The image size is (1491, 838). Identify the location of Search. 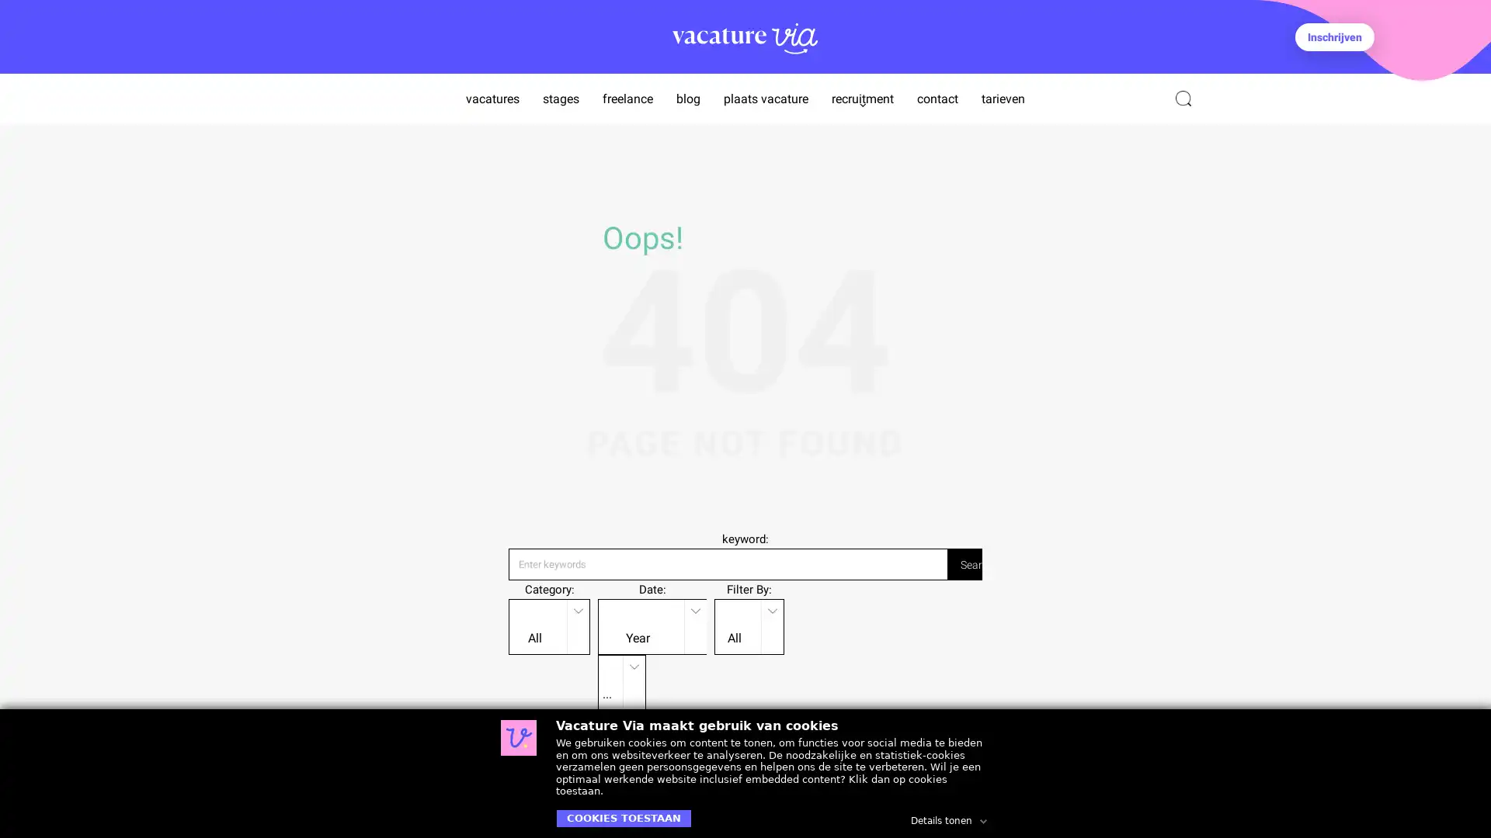
(964, 563).